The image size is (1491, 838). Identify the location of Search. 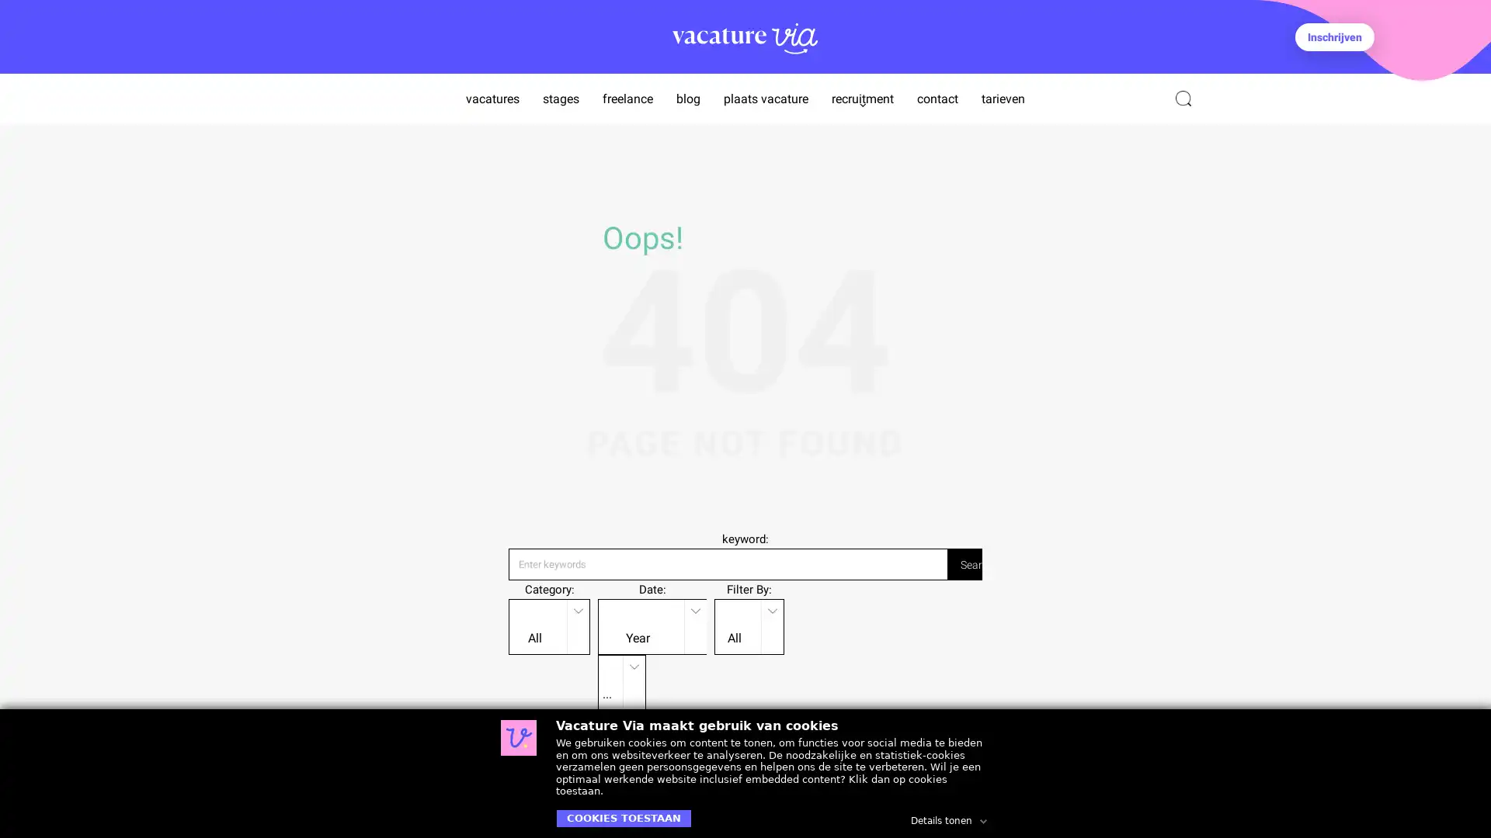
(964, 563).